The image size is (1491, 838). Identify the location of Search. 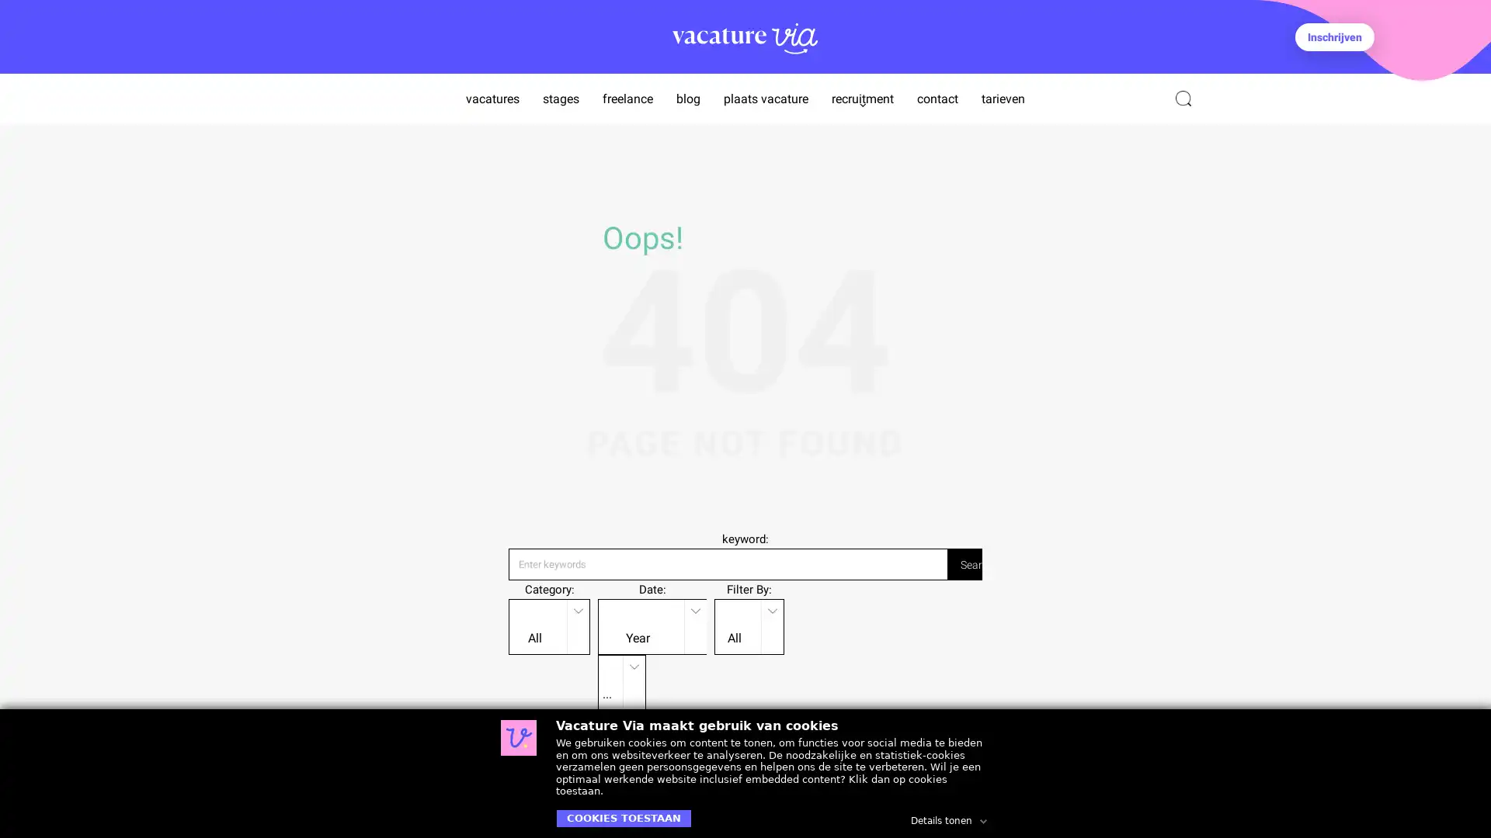
(964, 563).